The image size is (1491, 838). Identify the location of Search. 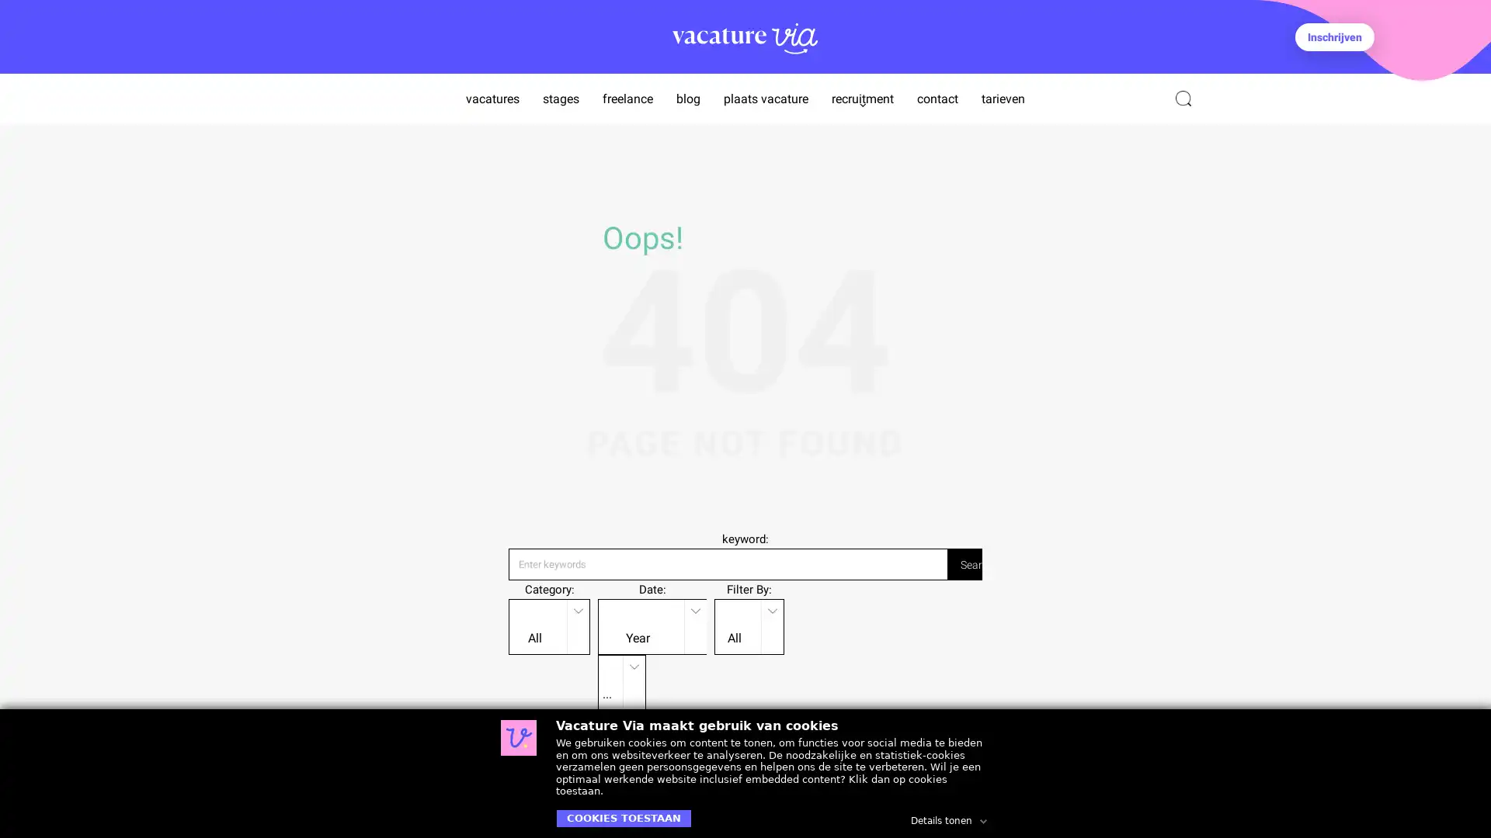
(964, 563).